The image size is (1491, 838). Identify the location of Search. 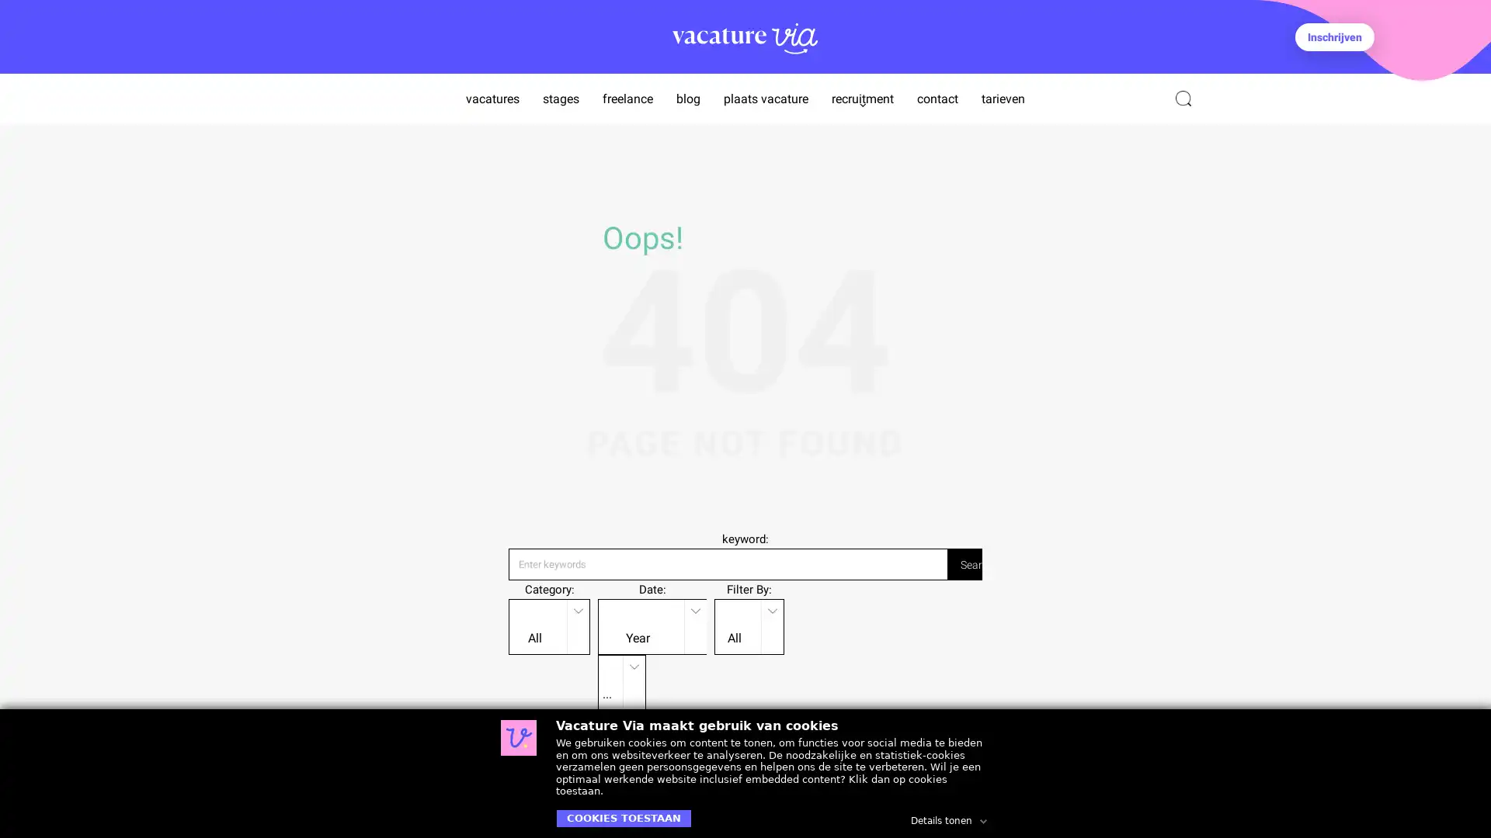
(964, 563).